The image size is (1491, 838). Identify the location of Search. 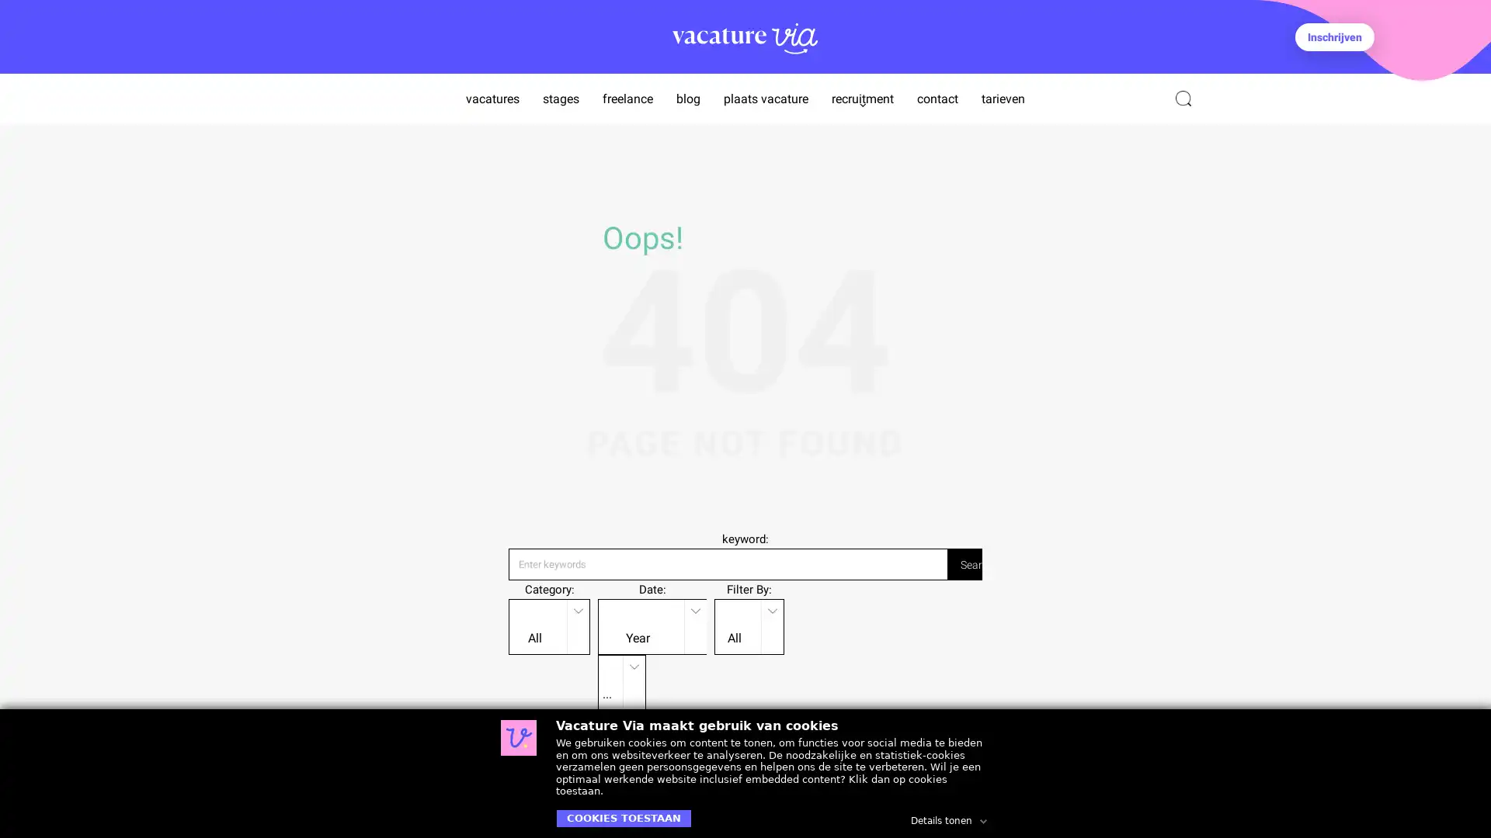
(964, 563).